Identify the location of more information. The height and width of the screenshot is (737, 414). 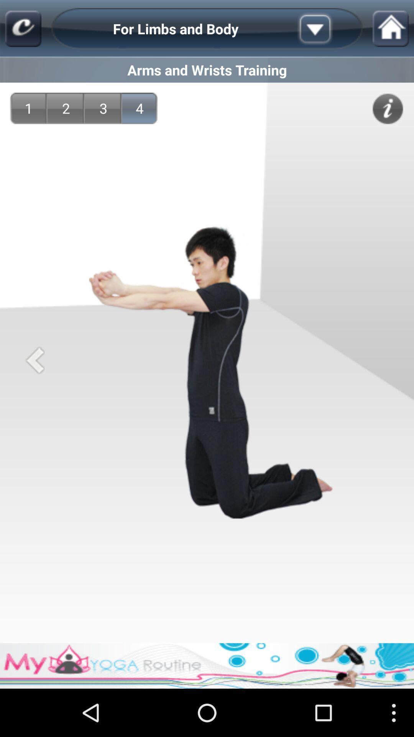
(388, 108).